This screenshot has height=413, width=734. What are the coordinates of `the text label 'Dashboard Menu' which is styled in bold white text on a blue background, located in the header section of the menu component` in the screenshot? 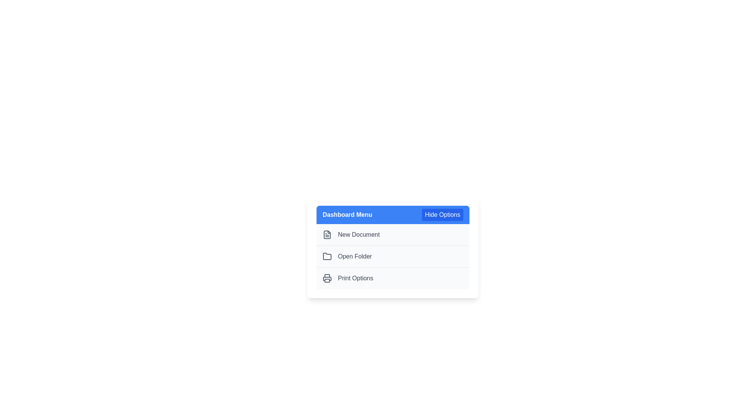 It's located at (347, 215).